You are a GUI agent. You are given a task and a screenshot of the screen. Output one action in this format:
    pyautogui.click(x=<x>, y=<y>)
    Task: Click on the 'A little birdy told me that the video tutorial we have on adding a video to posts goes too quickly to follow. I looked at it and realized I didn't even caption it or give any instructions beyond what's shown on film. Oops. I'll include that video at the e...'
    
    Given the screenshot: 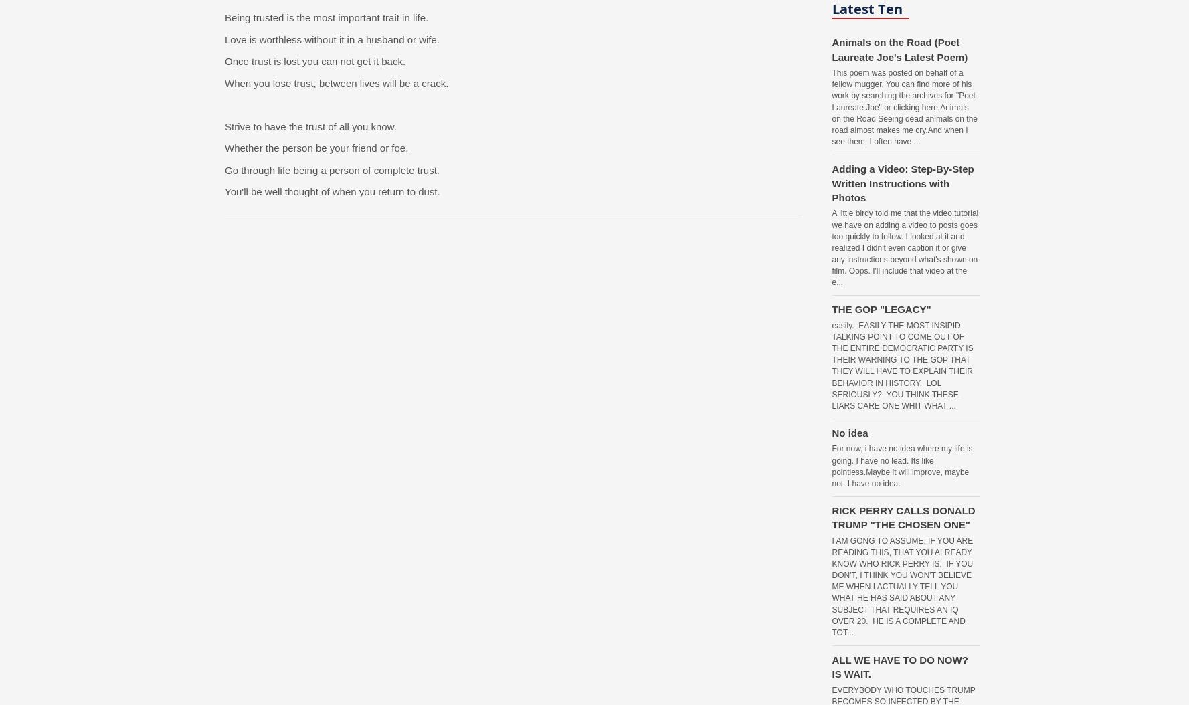 What is the action you would take?
    pyautogui.click(x=905, y=247)
    